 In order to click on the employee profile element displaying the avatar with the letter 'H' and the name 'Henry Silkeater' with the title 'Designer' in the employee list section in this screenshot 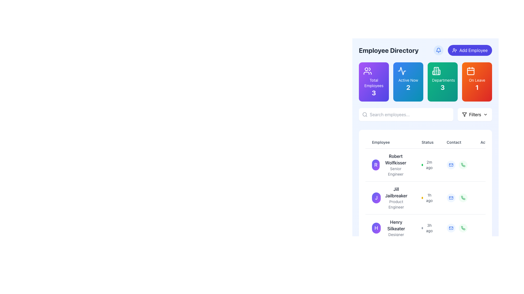, I will do `click(390, 228)`.